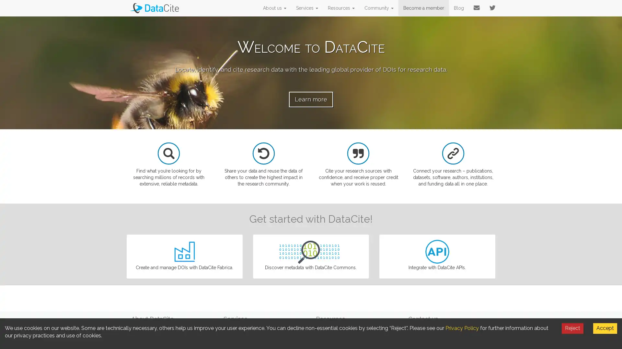 This screenshot has width=622, height=349. Describe the element at coordinates (311, 99) in the screenshot. I see `Learn more` at that location.